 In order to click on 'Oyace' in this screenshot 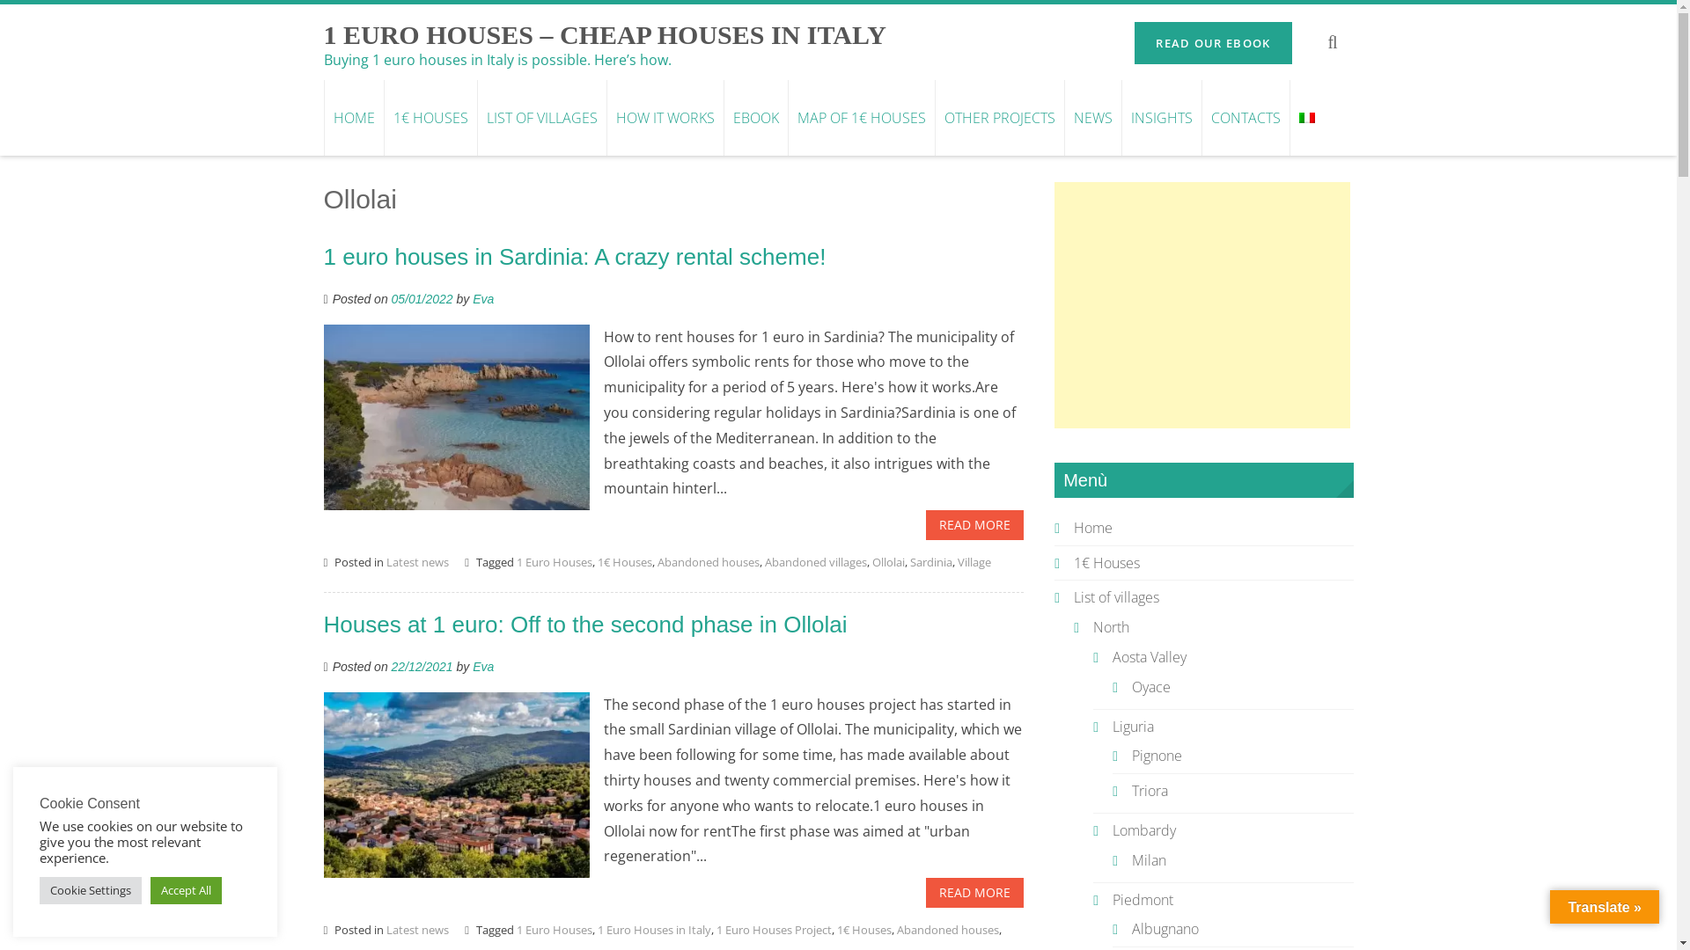, I will do `click(1151, 685)`.